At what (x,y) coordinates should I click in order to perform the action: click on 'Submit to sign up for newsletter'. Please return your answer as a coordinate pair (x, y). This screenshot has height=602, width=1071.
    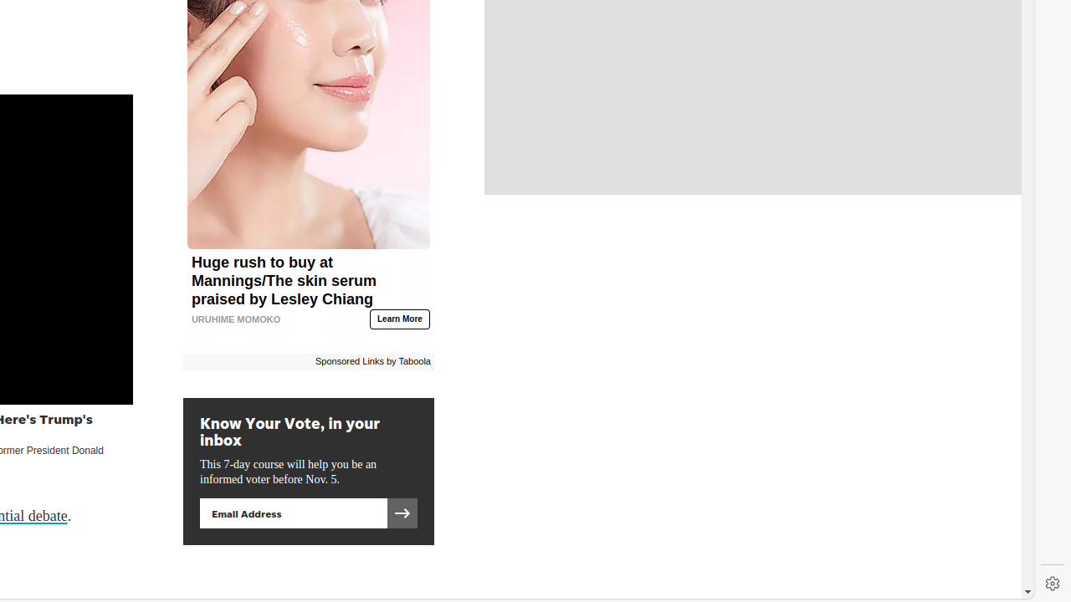
    Looking at the image, I should click on (402, 513).